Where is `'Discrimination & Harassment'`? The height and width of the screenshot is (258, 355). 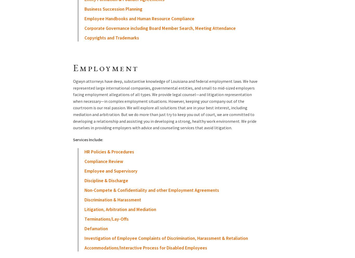
'Discrimination & Harassment' is located at coordinates (112, 199).